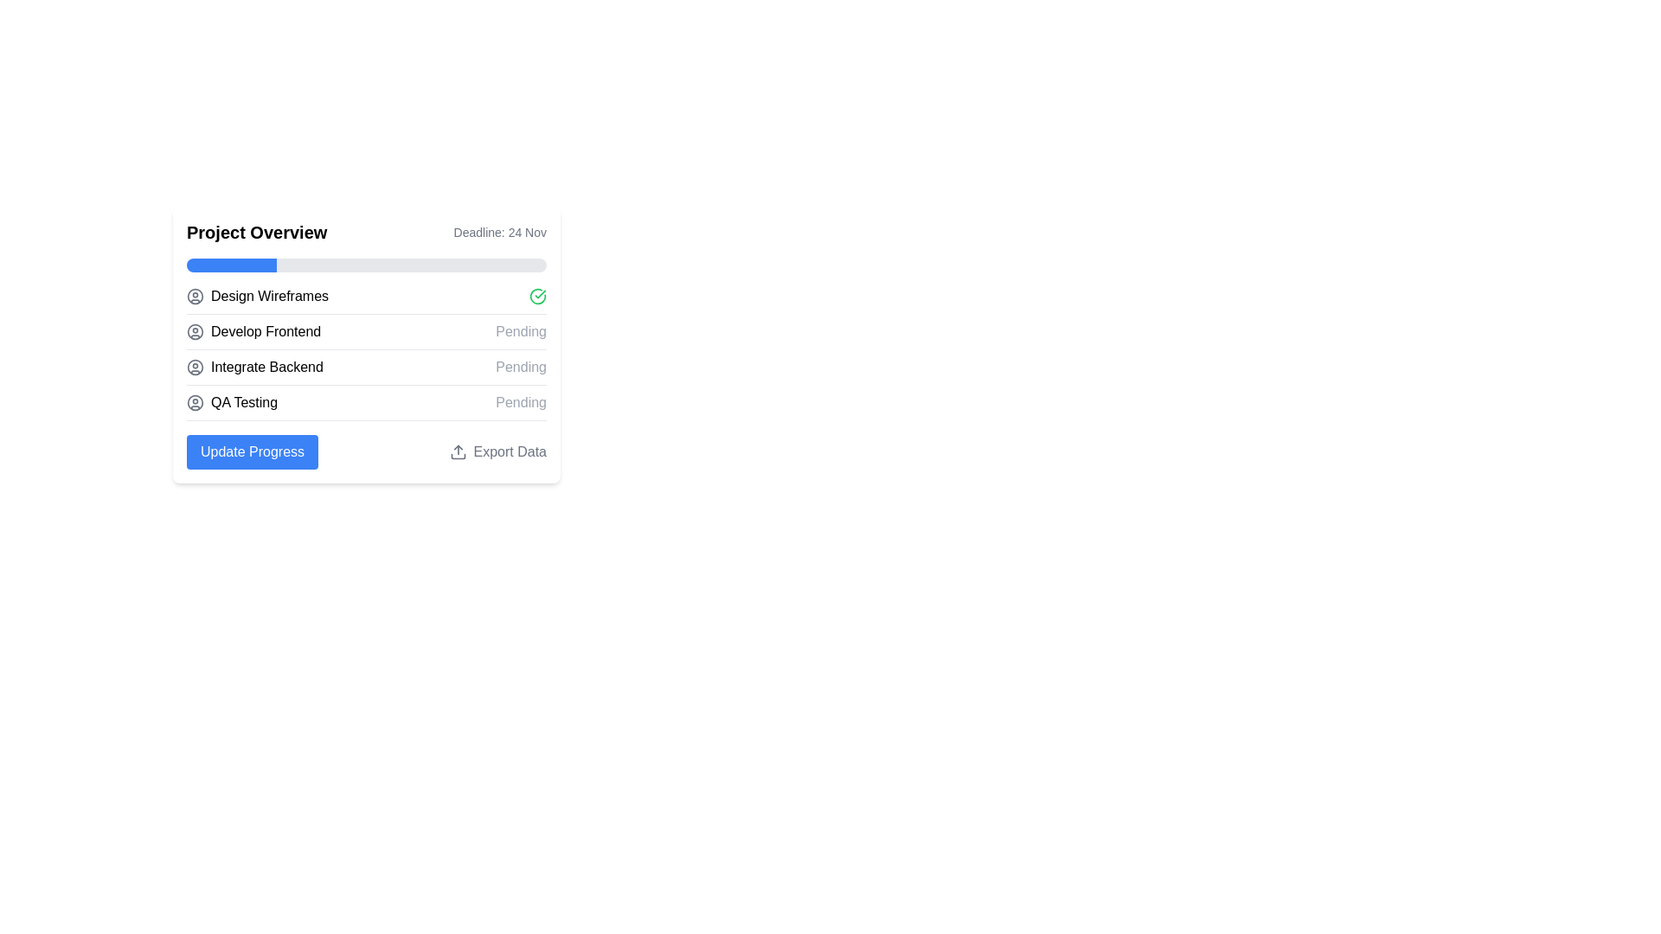 Image resolution: width=1661 pixels, height=934 pixels. Describe the element at coordinates (195, 332) in the screenshot. I see `the user profile icon with a gray outline located to the left of the 'Develop Frontend' text in the third row of icons under the 'Project Overview' section` at that location.